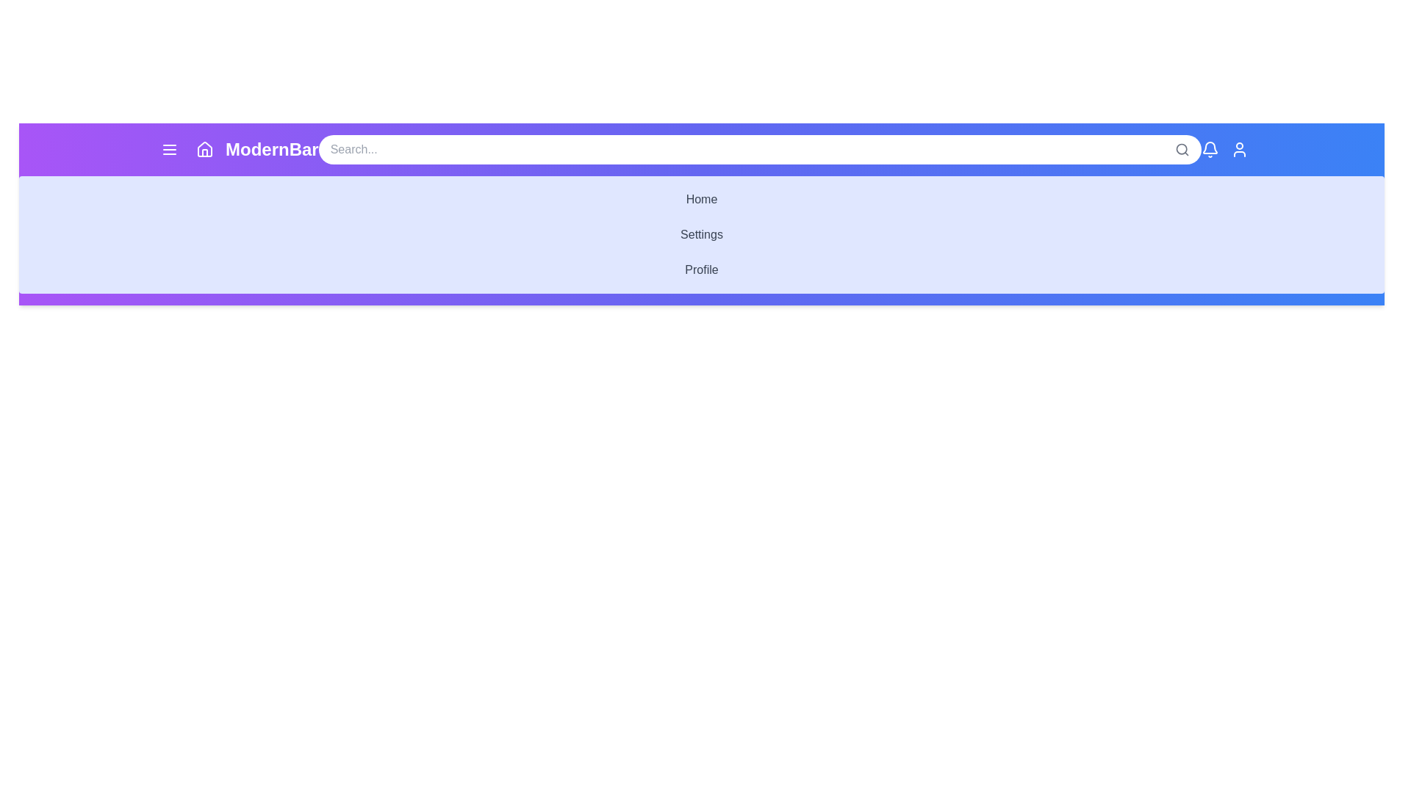  What do you see at coordinates (1238, 150) in the screenshot?
I see `the user icon in the ModernAppBar` at bounding box center [1238, 150].